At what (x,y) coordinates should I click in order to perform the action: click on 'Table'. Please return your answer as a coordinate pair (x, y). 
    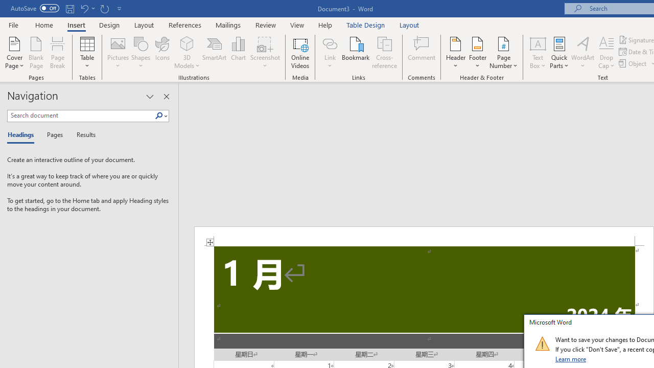
    Looking at the image, I should click on (87, 53).